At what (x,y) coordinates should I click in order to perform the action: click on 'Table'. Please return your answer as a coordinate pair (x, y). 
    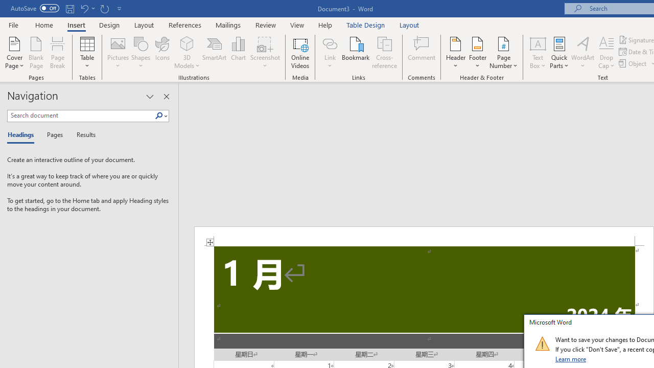
    Looking at the image, I should click on (87, 53).